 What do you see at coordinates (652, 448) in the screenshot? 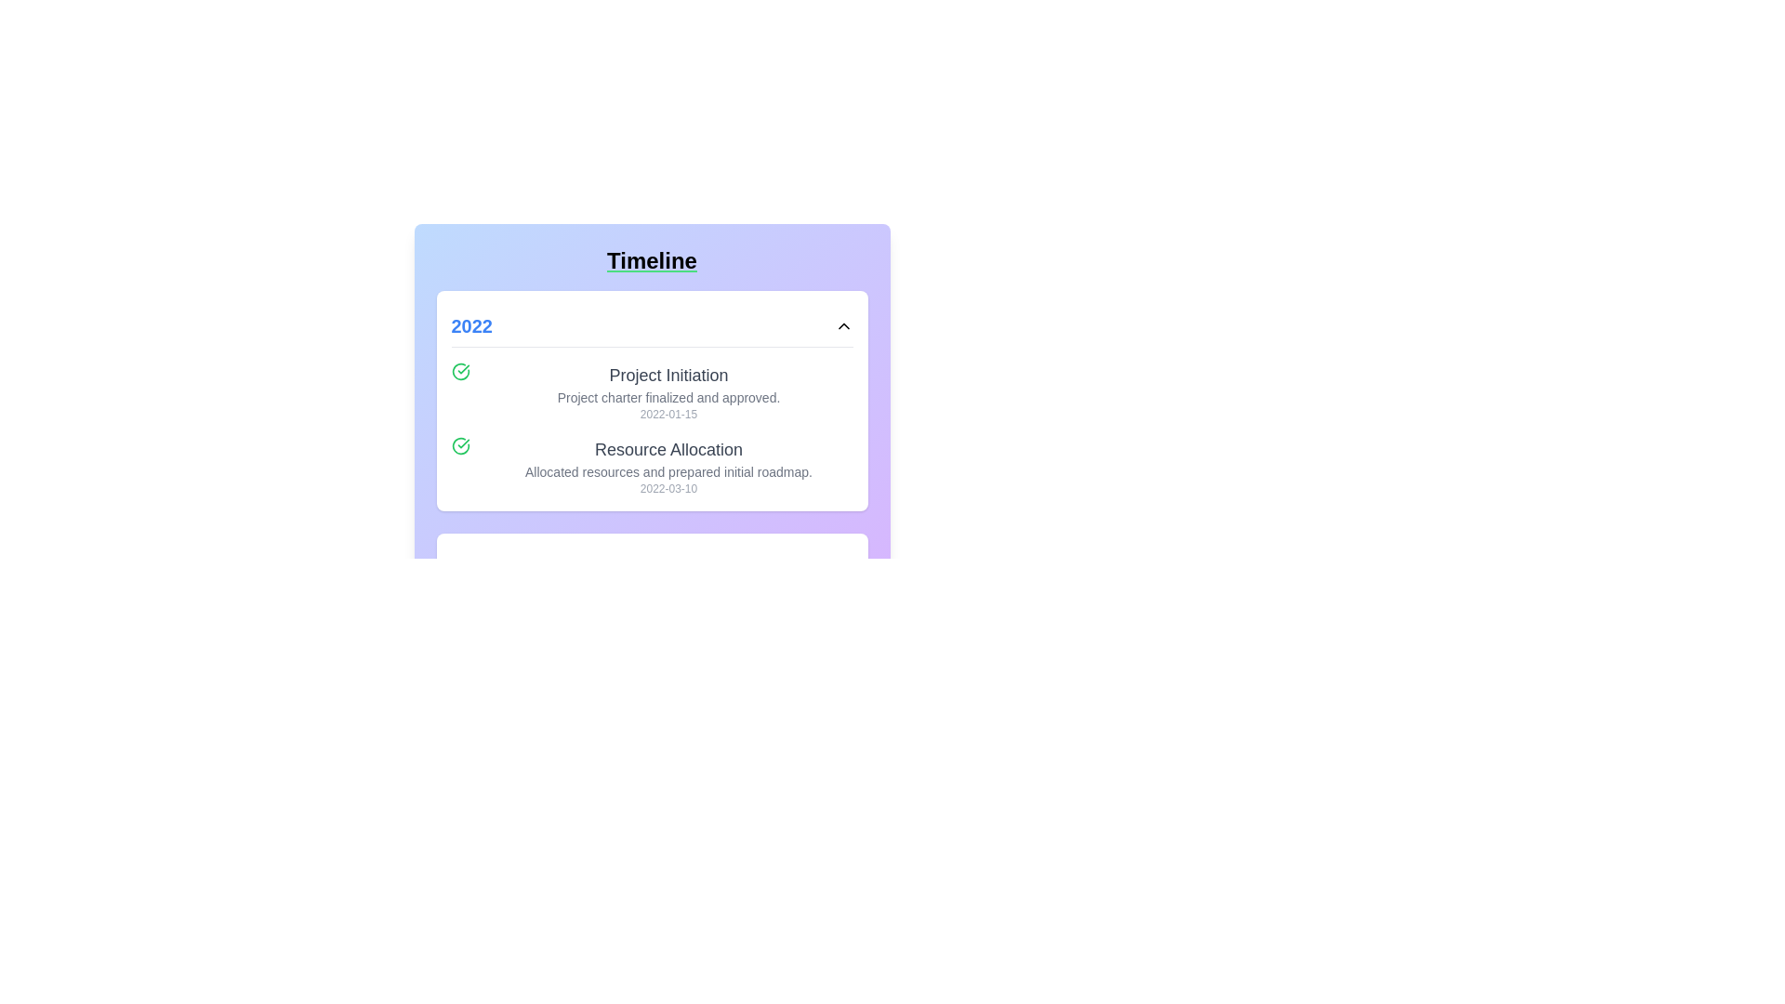
I see `the informational block displaying chronological events for the year 2022, located centrally under the 'Timeline' heading` at bounding box center [652, 448].